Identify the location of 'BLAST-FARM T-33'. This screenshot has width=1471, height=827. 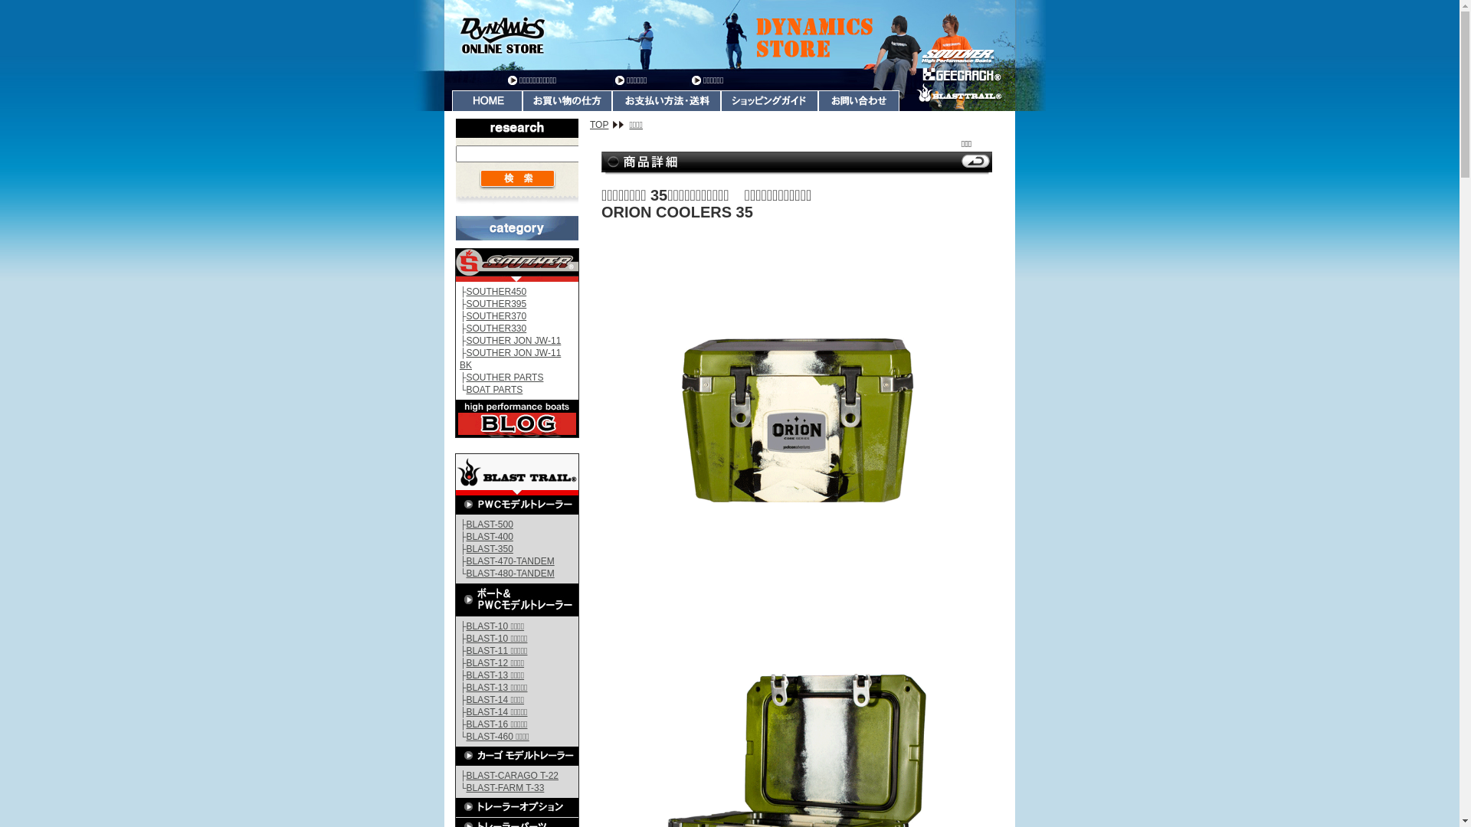
(506, 788).